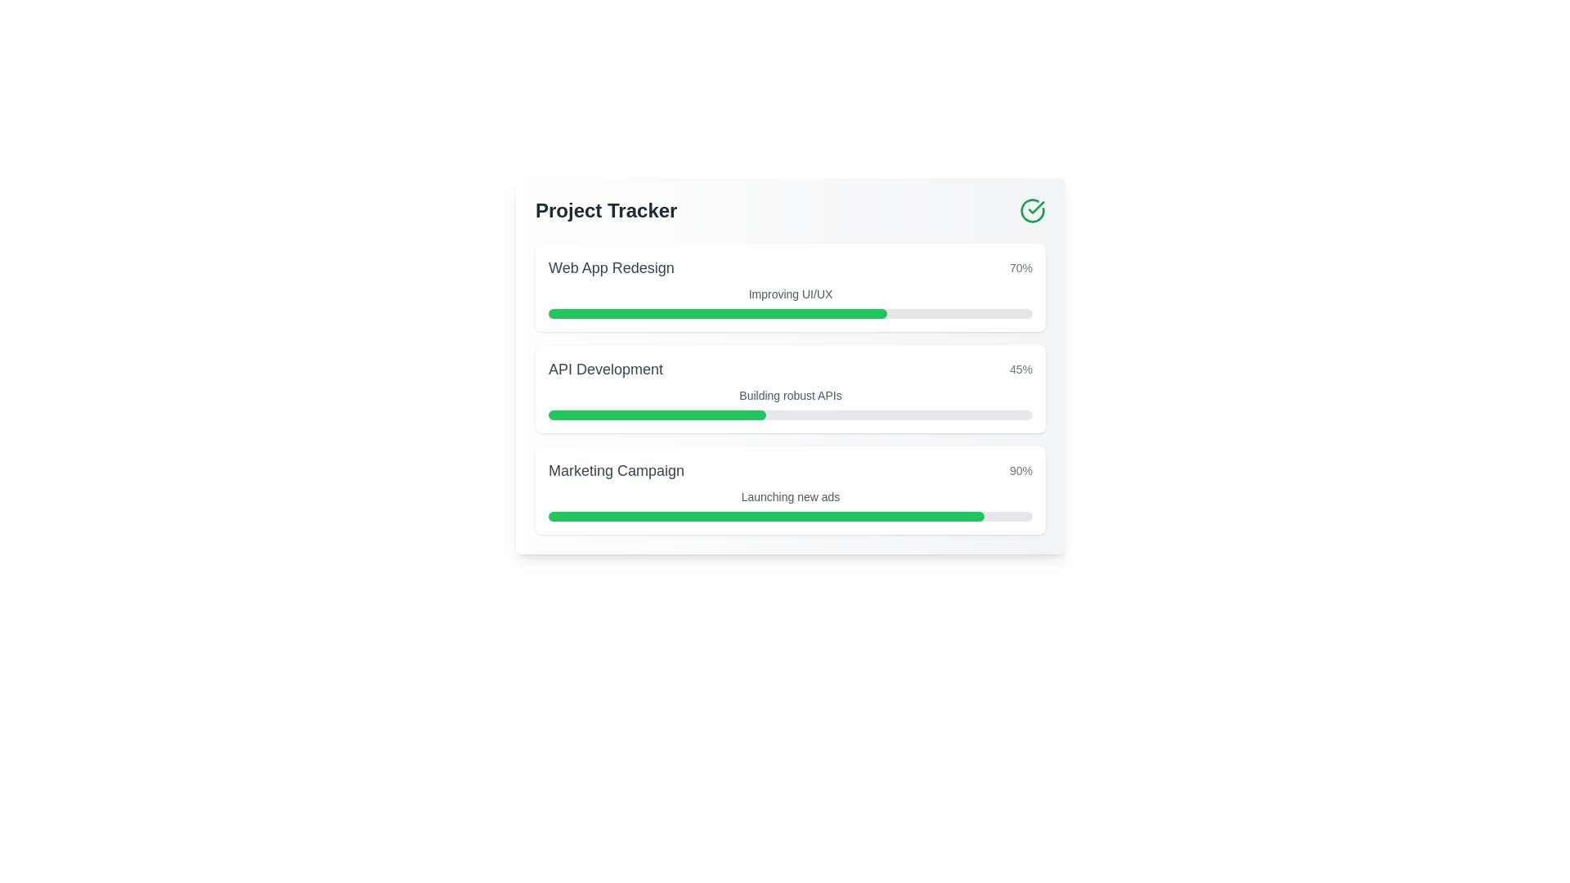 The image size is (1570, 883). What do you see at coordinates (605, 369) in the screenshot?
I see `the static text label displaying 'API Development' in bold gray font, located in the second row of the 'Project Tracker' list` at bounding box center [605, 369].